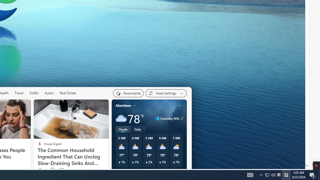 This screenshot has height=180, width=320. I want to click on 'Feed settings', so click(166, 93).